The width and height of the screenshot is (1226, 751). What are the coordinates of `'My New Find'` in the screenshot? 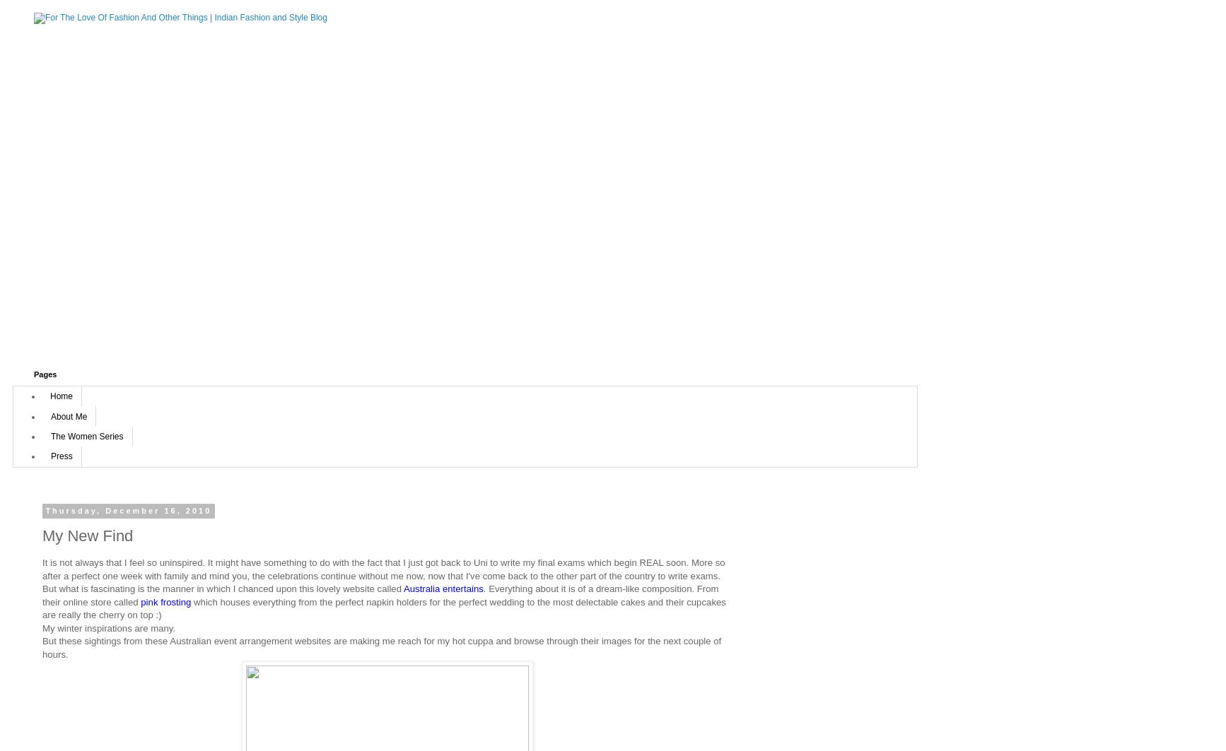 It's located at (87, 535).